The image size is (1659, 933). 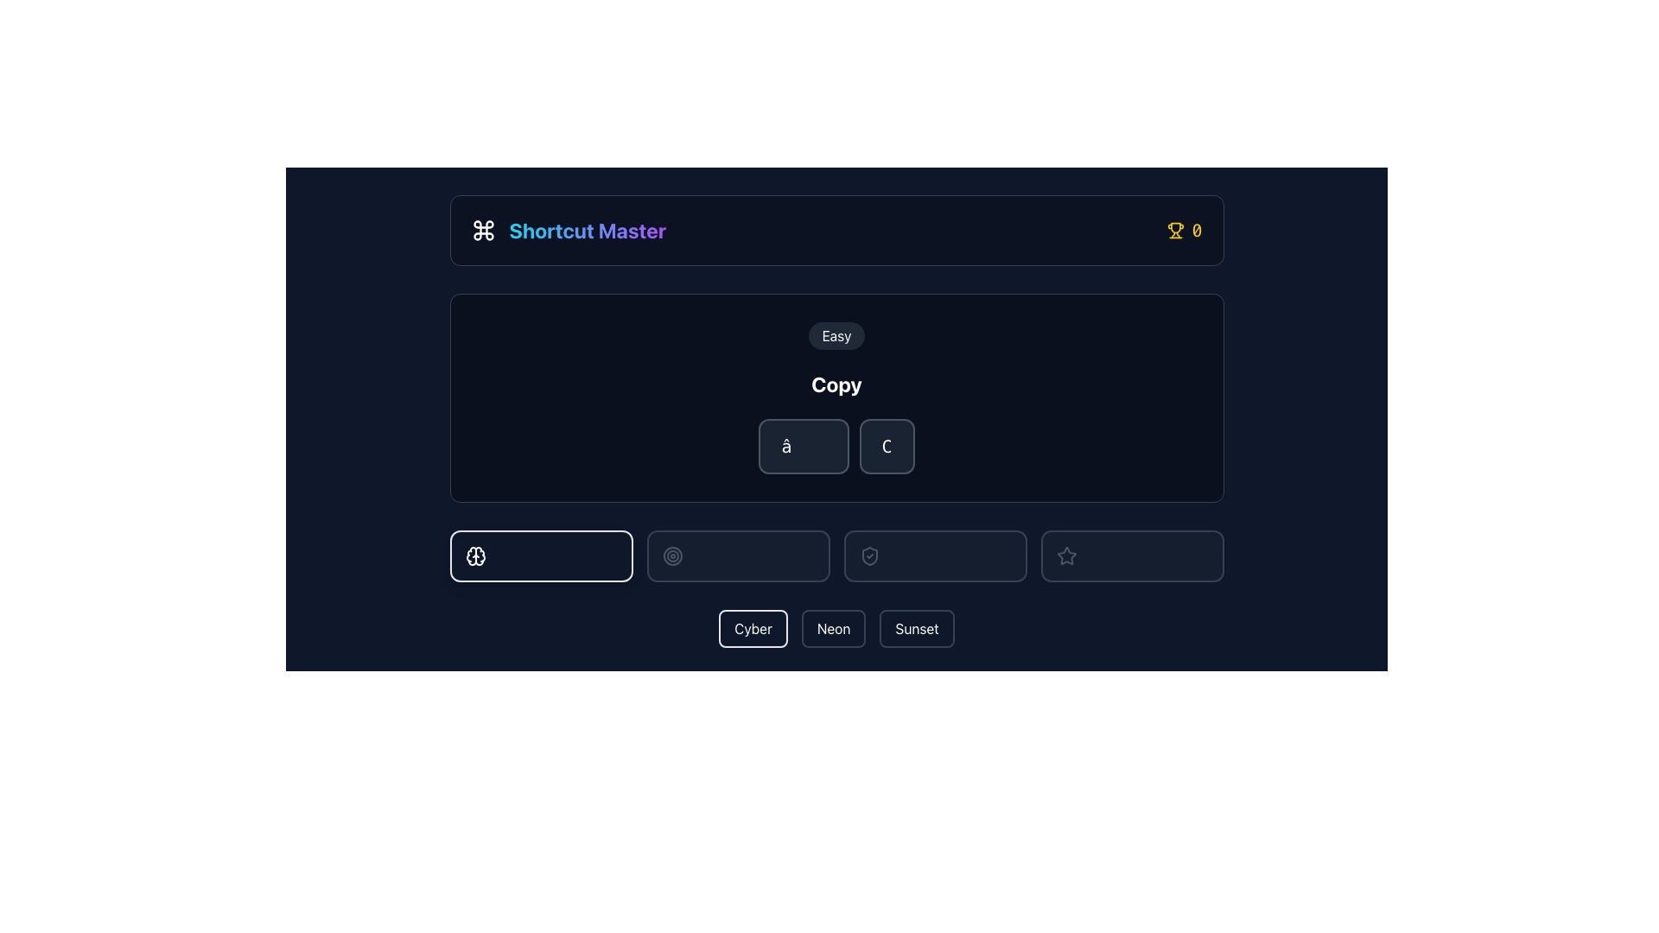 I want to click on the decorative SVG circle which is part of a graphical icon located in the middle of the bottom row of button-like elements, specifically the second from the left, so click(x=671, y=556).